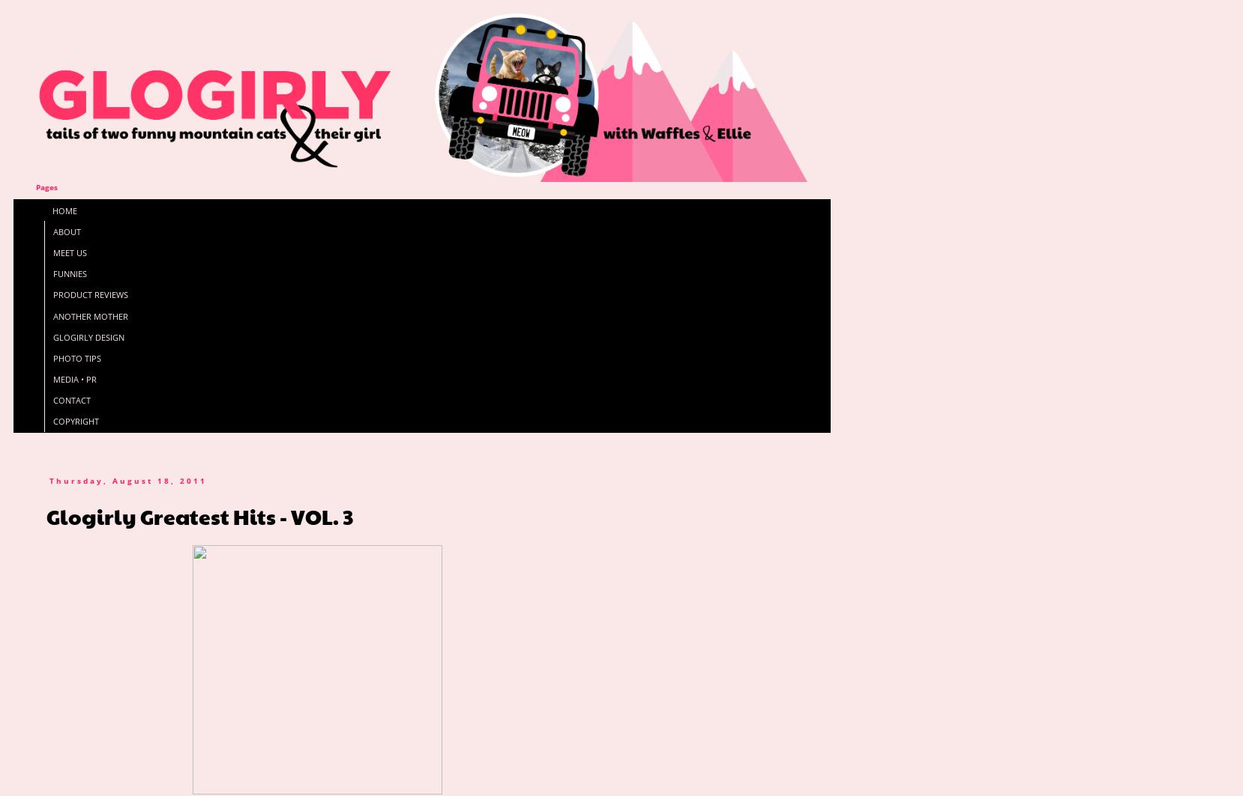  I want to click on 'Pages', so click(46, 187).